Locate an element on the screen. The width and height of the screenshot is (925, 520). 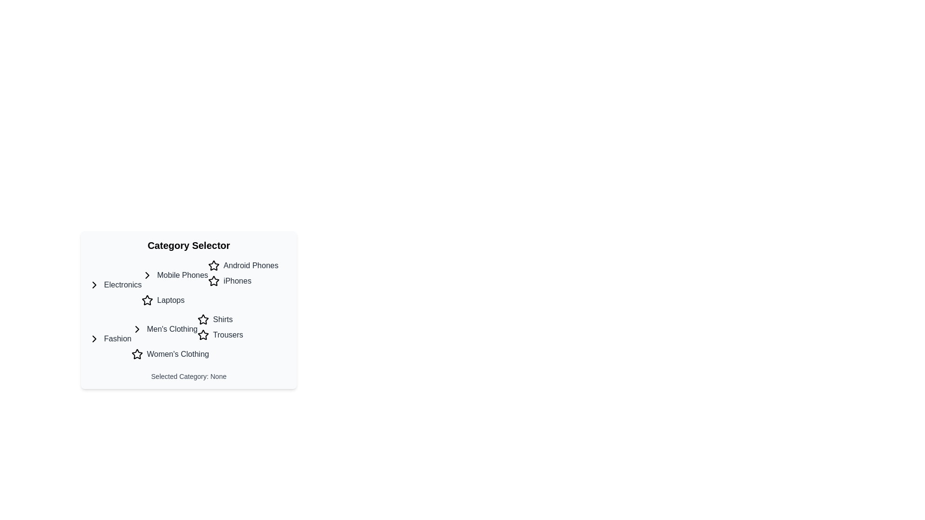
the 'Men's Clothing' label located is located at coordinates (172, 328).